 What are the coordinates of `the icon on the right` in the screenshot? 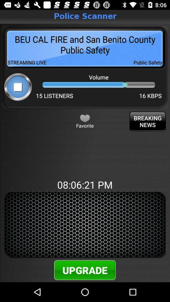 It's located at (148, 121).